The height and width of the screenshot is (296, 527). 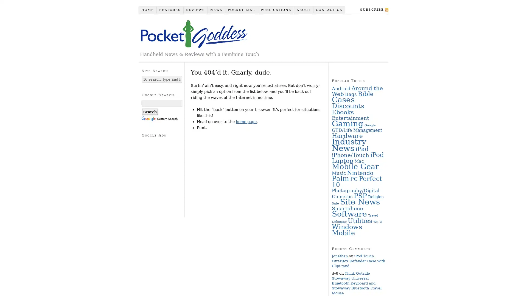 What do you see at coordinates (150, 112) in the screenshot?
I see `Search` at bounding box center [150, 112].